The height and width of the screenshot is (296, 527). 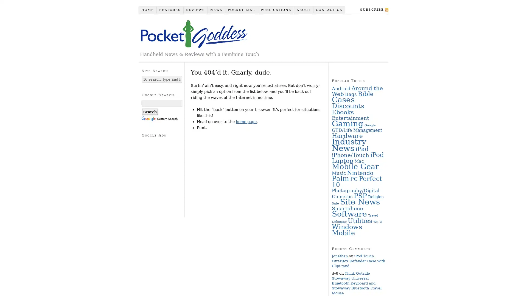 What do you see at coordinates (150, 112) in the screenshot?
I see `Search` at bounding box center [150, 112].